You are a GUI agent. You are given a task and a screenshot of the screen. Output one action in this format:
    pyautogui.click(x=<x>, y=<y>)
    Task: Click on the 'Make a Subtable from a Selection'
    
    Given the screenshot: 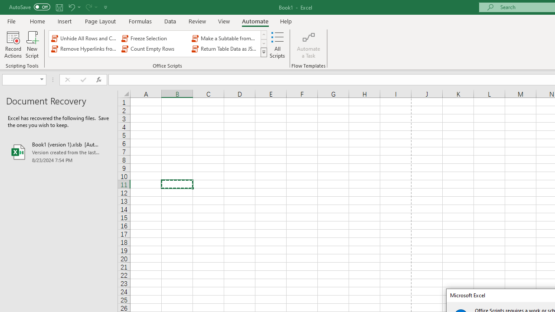 What is the action you would take?
    pyautogui.click(x=225, y=38)
    